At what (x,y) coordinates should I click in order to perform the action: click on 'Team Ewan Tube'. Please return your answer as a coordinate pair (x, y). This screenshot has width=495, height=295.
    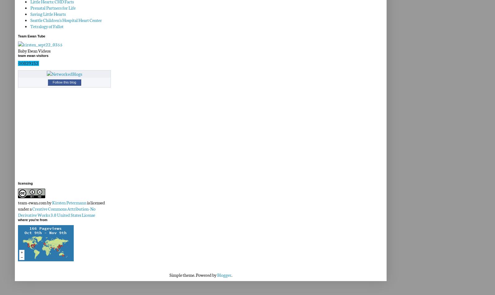
    Looking at the image, I should click on (18, 36).